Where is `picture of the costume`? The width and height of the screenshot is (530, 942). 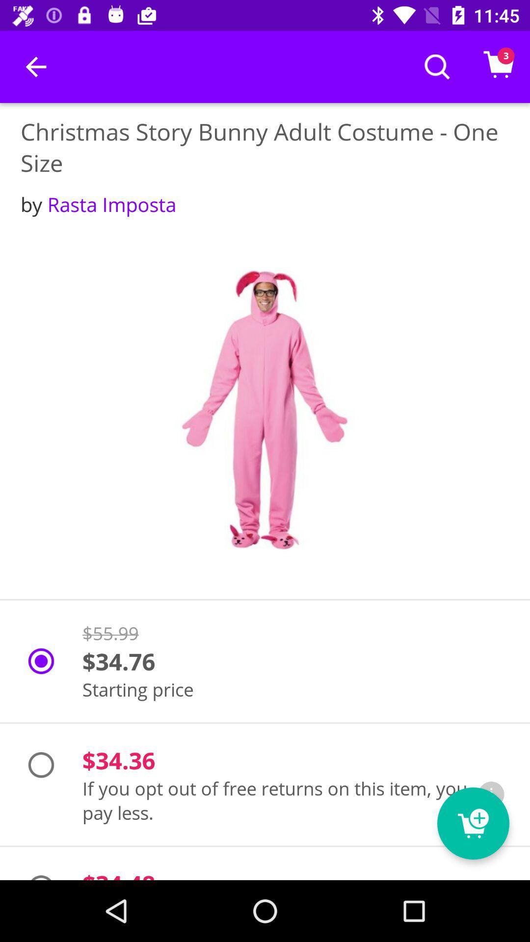 picture of the costume is located at coordinates (265, 410).